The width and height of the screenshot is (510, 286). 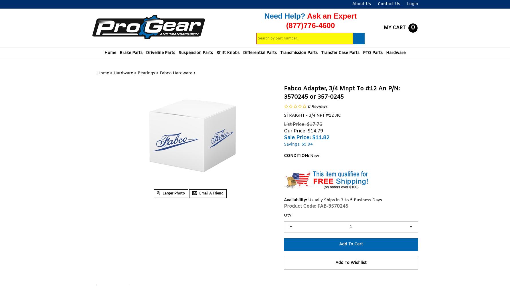 What do you see at coordinates (319, 106) in the screenshot?
I see `'Reviews'` at bounding box center [319, 106].